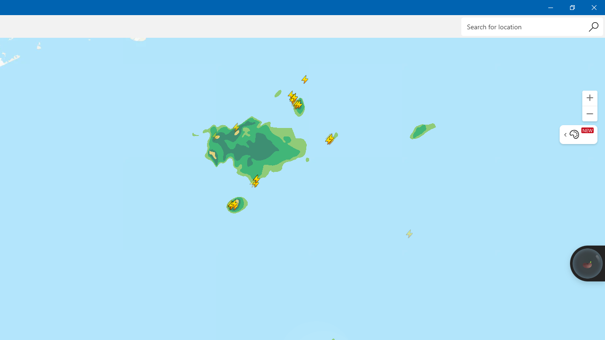  Describe the element at coordinates (593, 7) in the screenshot. I see `'Close Weather'` at that location.